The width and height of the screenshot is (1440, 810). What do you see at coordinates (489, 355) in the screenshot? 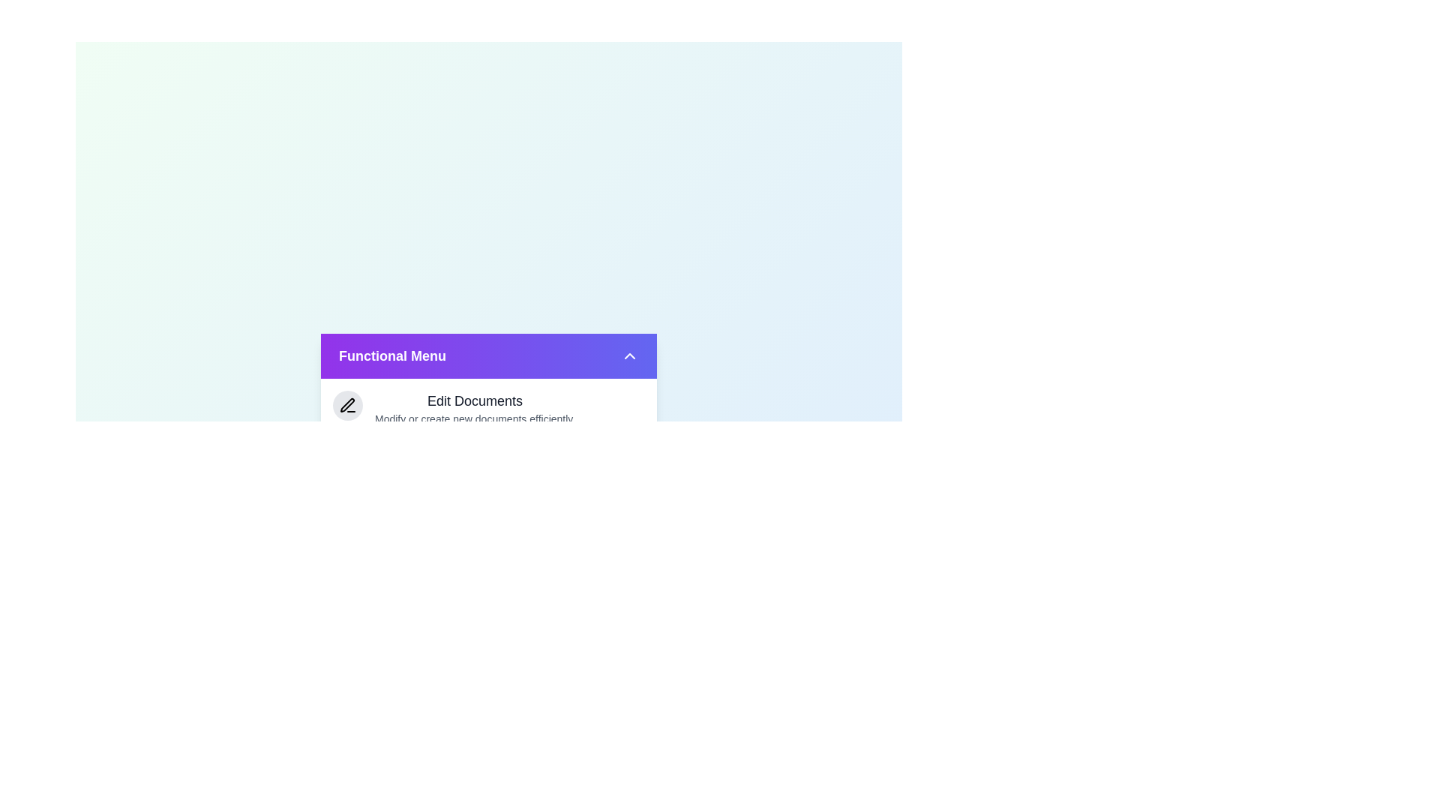
I see `the menu button to toggle the menu open or closed` at bounding box center [489, 355].